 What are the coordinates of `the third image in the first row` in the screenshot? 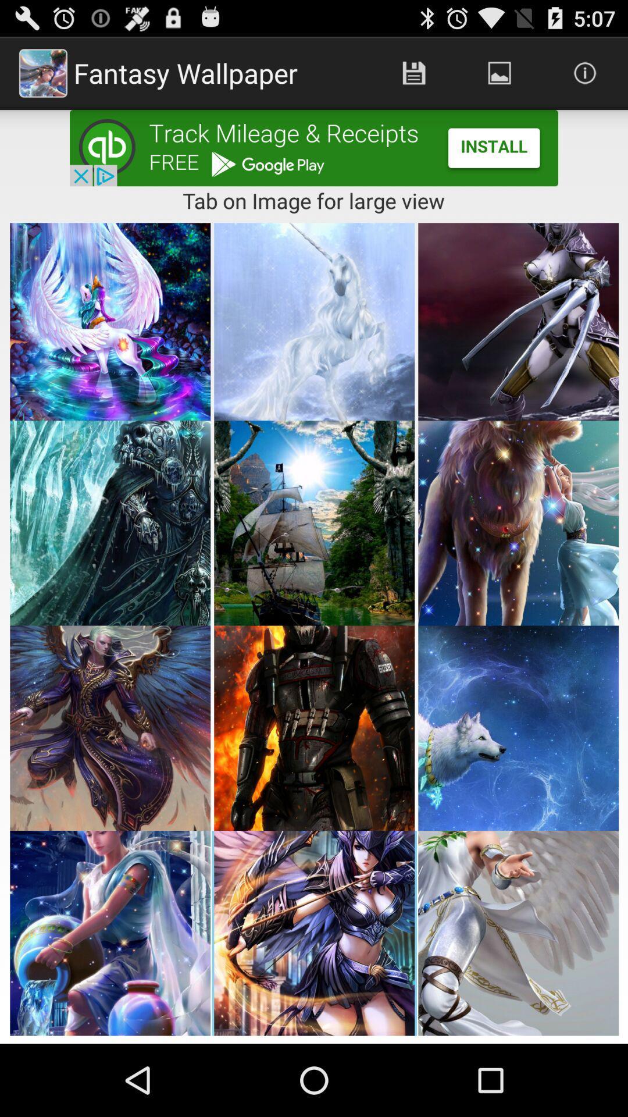 It's located at (518, 321).